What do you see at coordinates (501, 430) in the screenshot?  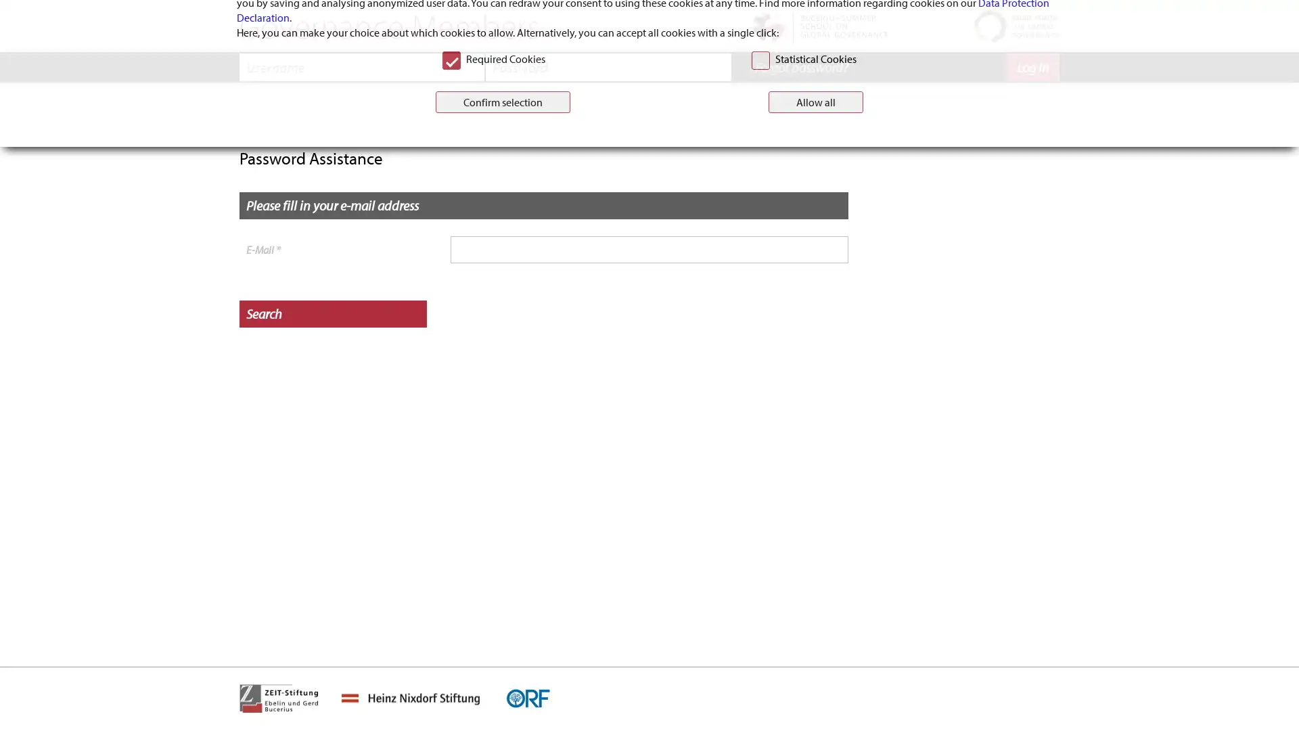 I see `Confirm selection` at bounding box center [501, 430].